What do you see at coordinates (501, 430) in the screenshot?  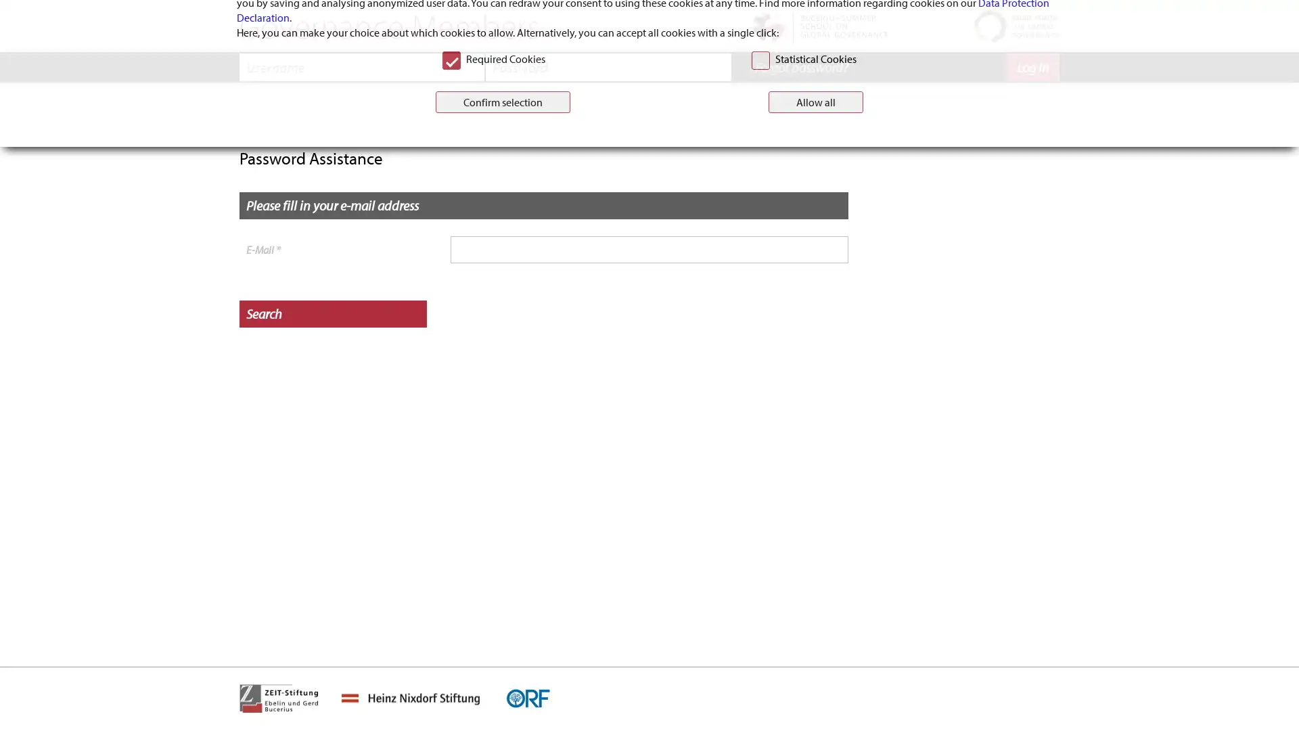 I see `Confirm selection` at bounding box center [501, 430].